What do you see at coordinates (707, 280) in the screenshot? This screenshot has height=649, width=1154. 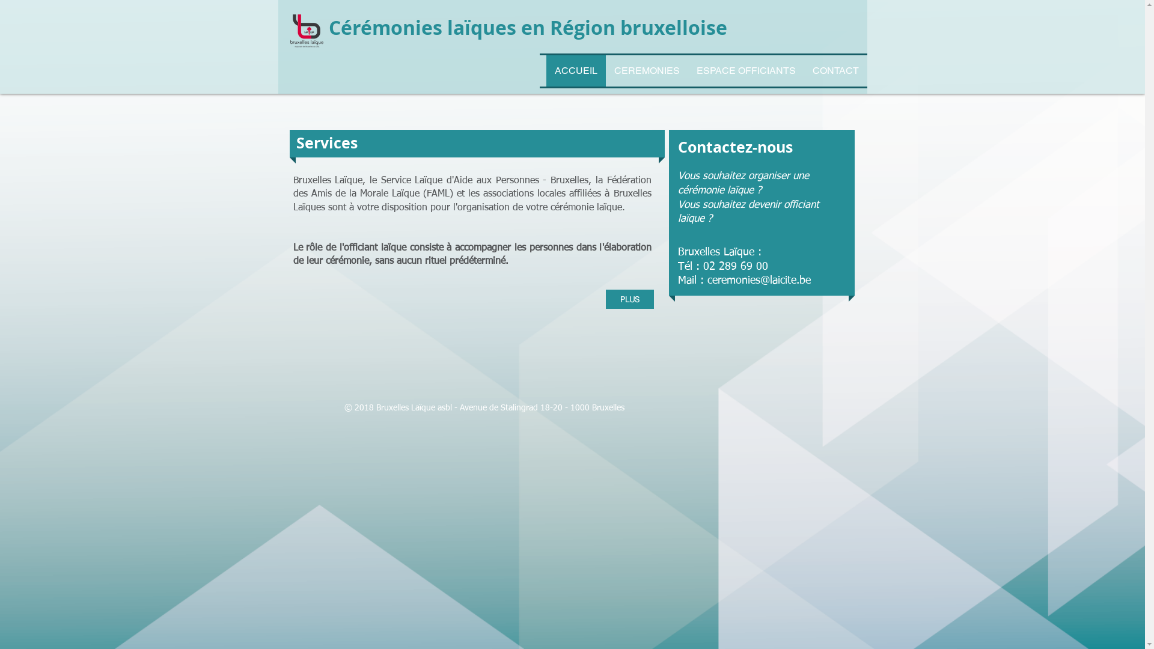 I see `'ceremonies@laicite.be'` at bounding box center [707, 280].